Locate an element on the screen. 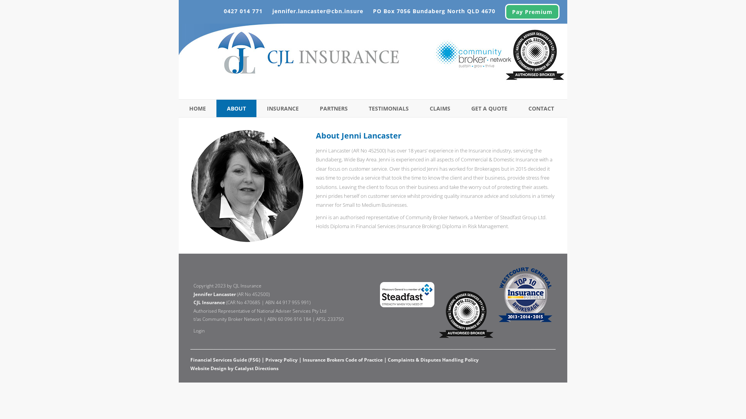 This screenshot has width=746, height=419. 'Privacy Policy' is located at coordinates (281, 360).